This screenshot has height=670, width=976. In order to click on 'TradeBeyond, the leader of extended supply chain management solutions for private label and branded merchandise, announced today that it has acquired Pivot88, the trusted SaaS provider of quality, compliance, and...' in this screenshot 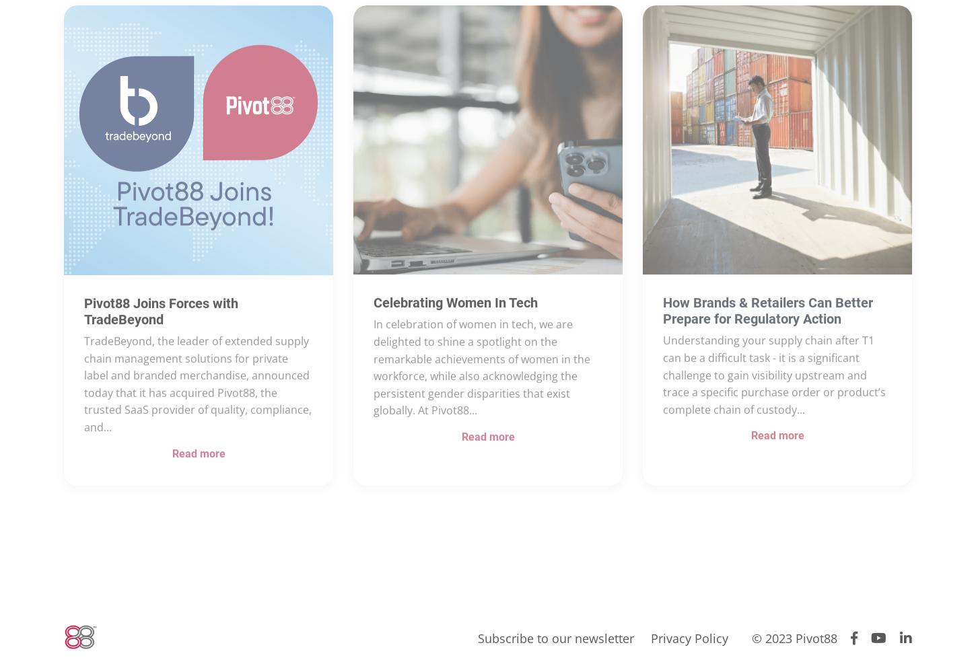, I will do `click(198, 424)`.